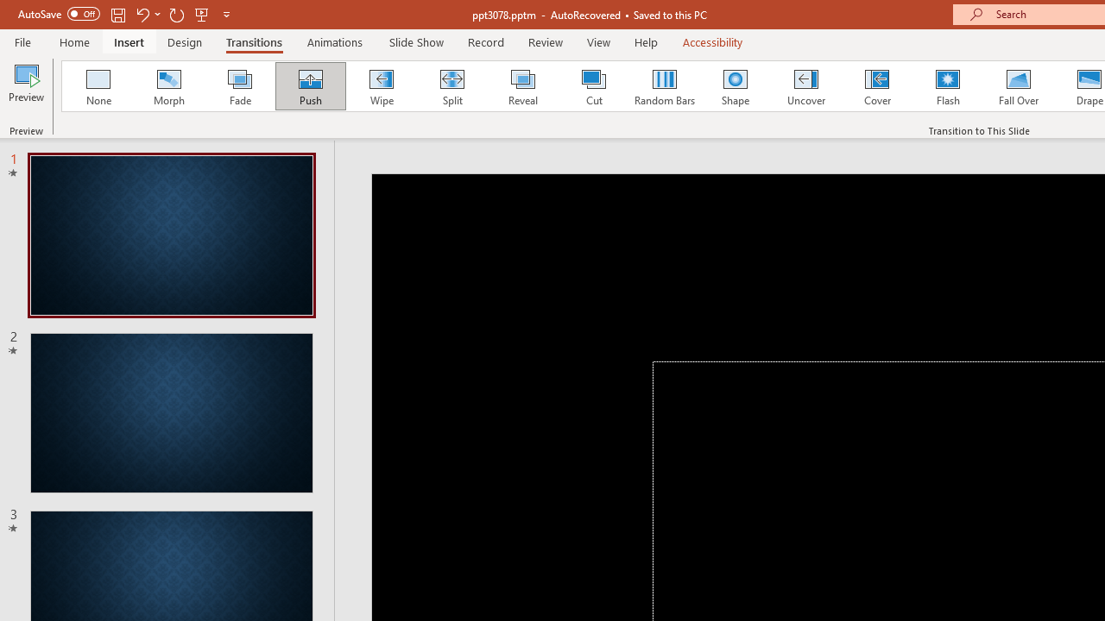 Image resolution: width=1105 pixels, height=621 pixels. I want to click on 'Split', so click(451, 86).